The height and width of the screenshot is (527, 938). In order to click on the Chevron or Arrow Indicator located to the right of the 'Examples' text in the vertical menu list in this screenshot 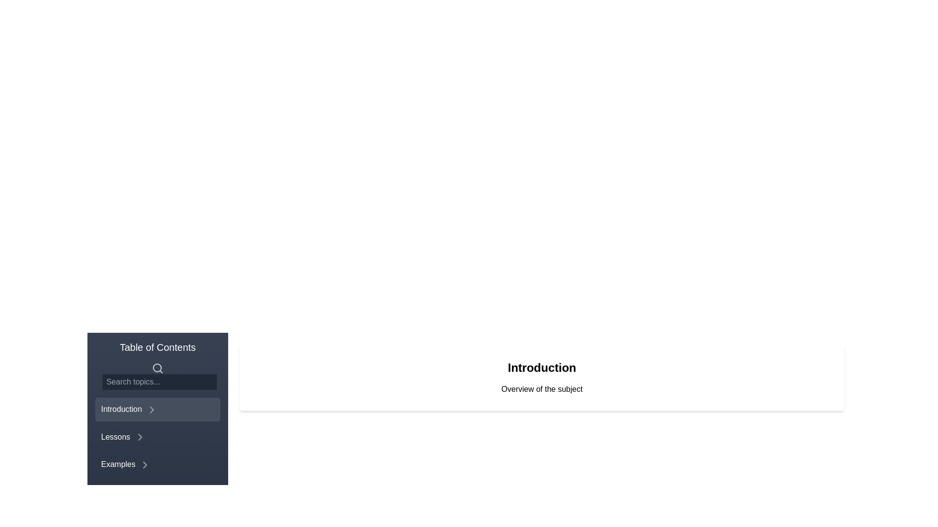, I will do `click(145, 465)`.